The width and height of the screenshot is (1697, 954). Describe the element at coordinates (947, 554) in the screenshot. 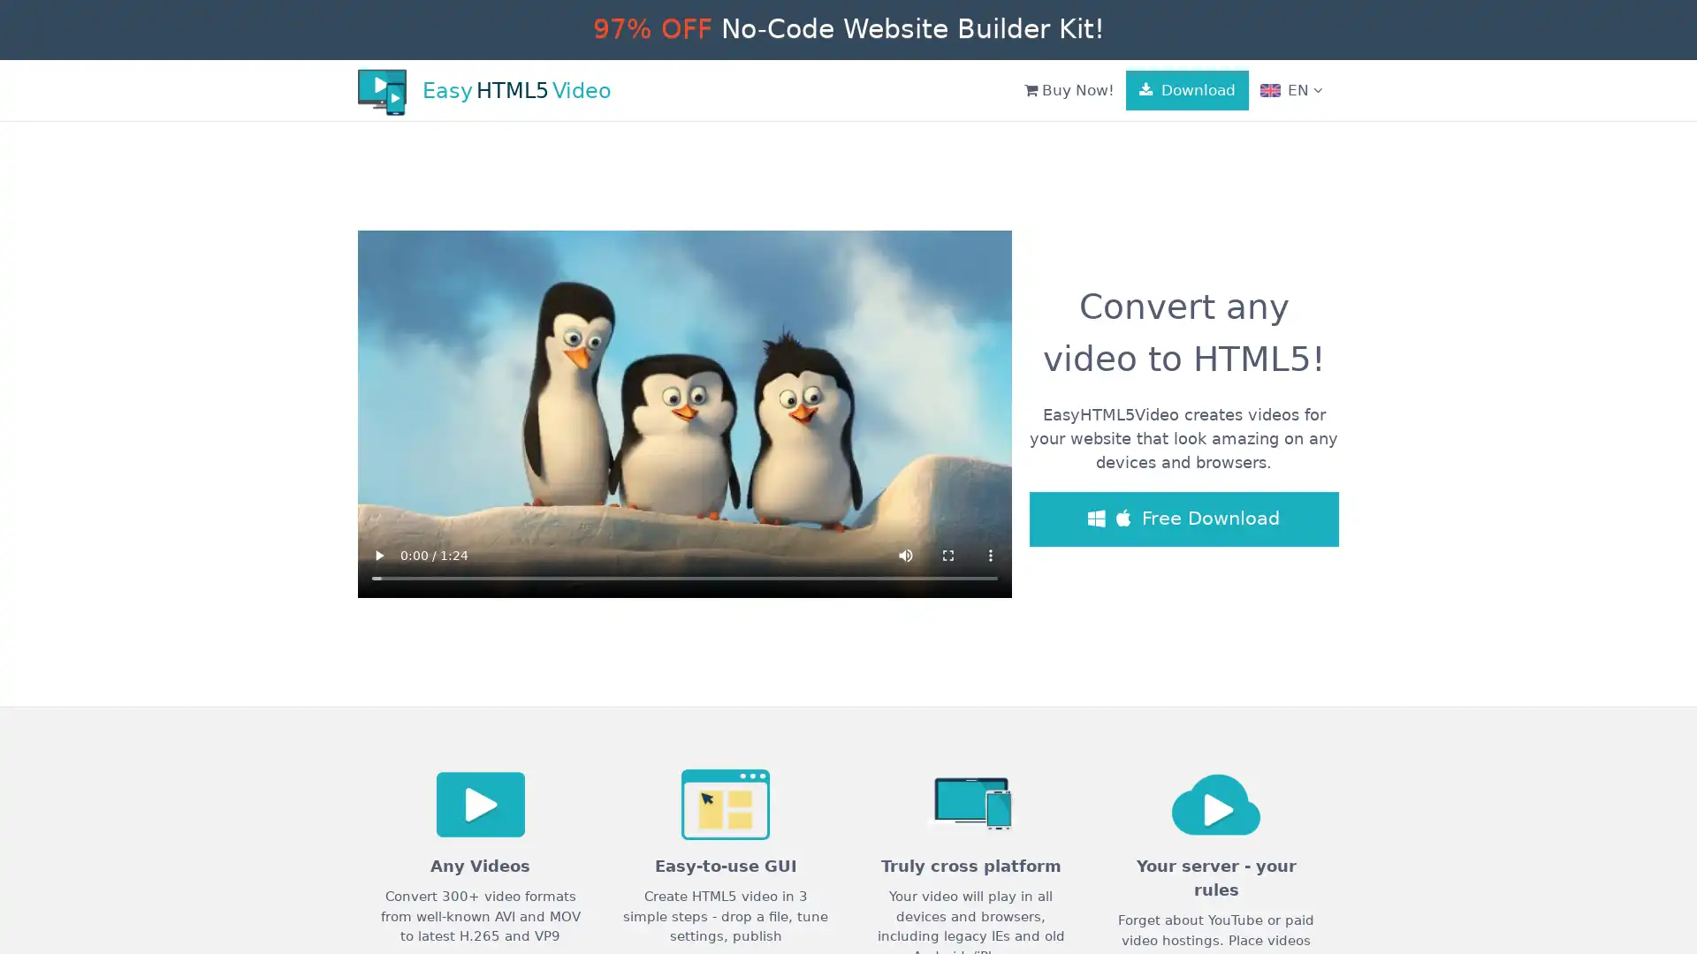

I see `enter full screen` at that location.